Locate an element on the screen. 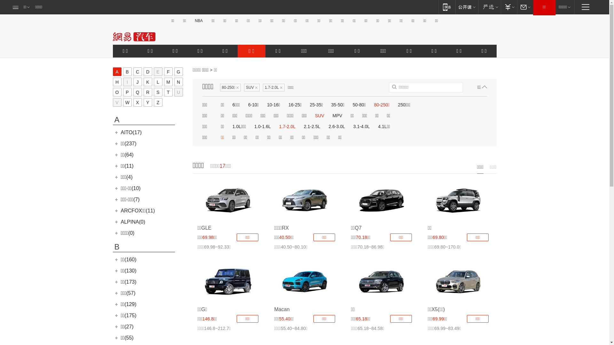 The height and width of the screenshot is (345, 614). 'Y' is located at coordinates (147, 102).